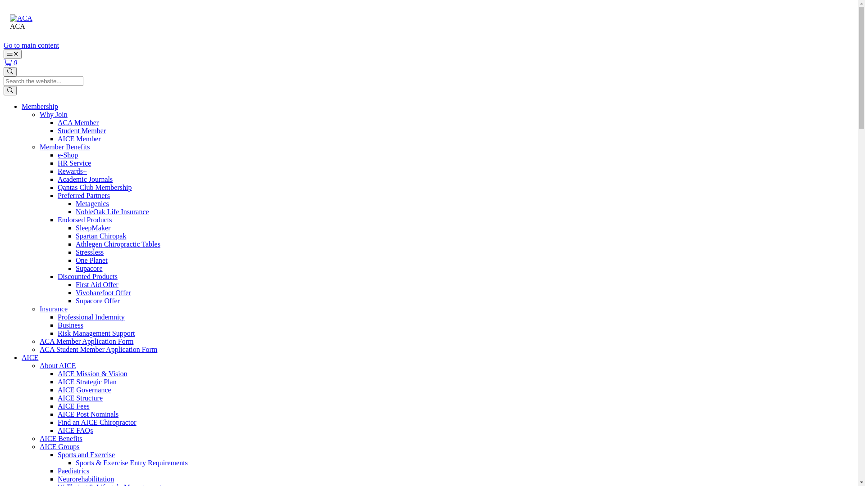  What do you see at coordinates (97, 301) in the screenshot?
I see `'Supacore Offer'` at bounding box center [97, 301].